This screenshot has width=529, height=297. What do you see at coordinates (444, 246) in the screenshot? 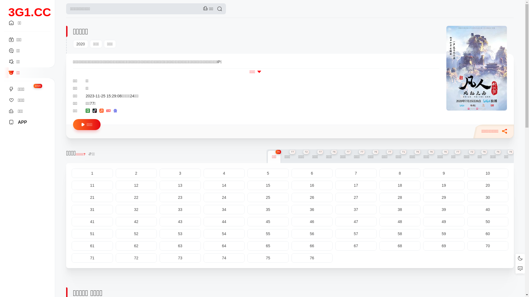
I see `'69'` at bounding box center [444, 246].